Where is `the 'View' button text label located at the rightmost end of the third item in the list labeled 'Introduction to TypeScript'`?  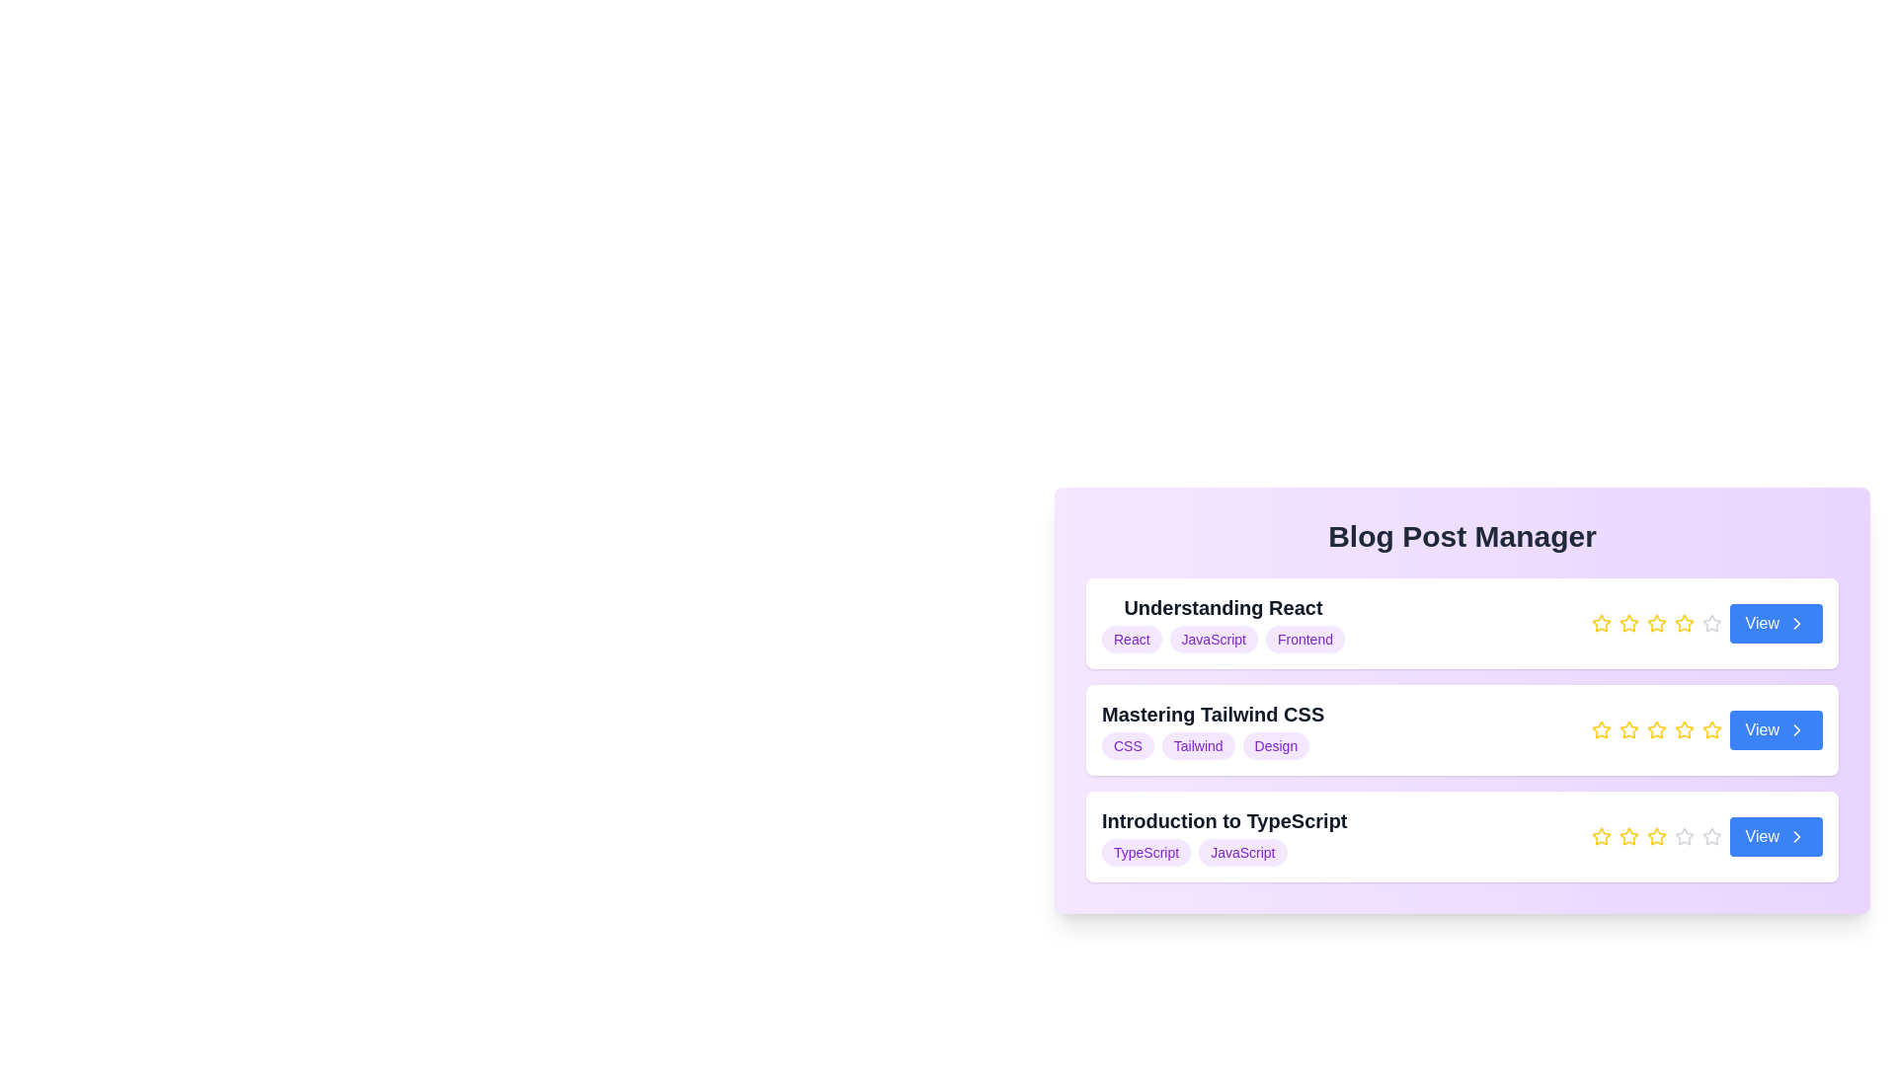 the 'View' button text label located at the rightmost end of the third item in the list labeled 'Introduction to TypeScript' is located at coordinates (1762, 837).